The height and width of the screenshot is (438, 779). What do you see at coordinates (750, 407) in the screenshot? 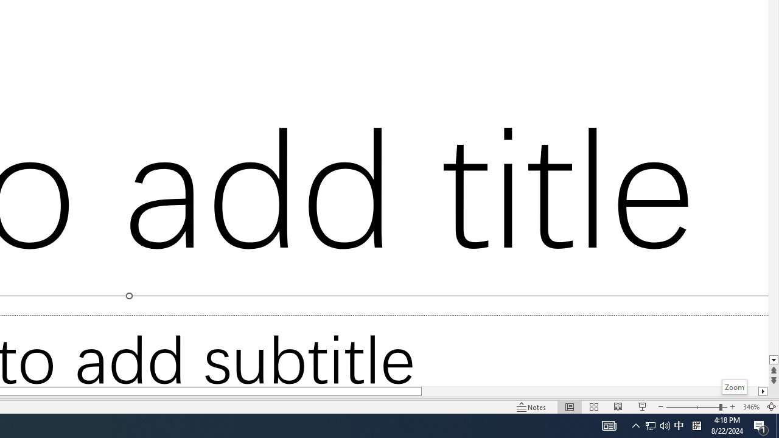
I see `'Zoom 346%'` at bounding box center [750, 407].